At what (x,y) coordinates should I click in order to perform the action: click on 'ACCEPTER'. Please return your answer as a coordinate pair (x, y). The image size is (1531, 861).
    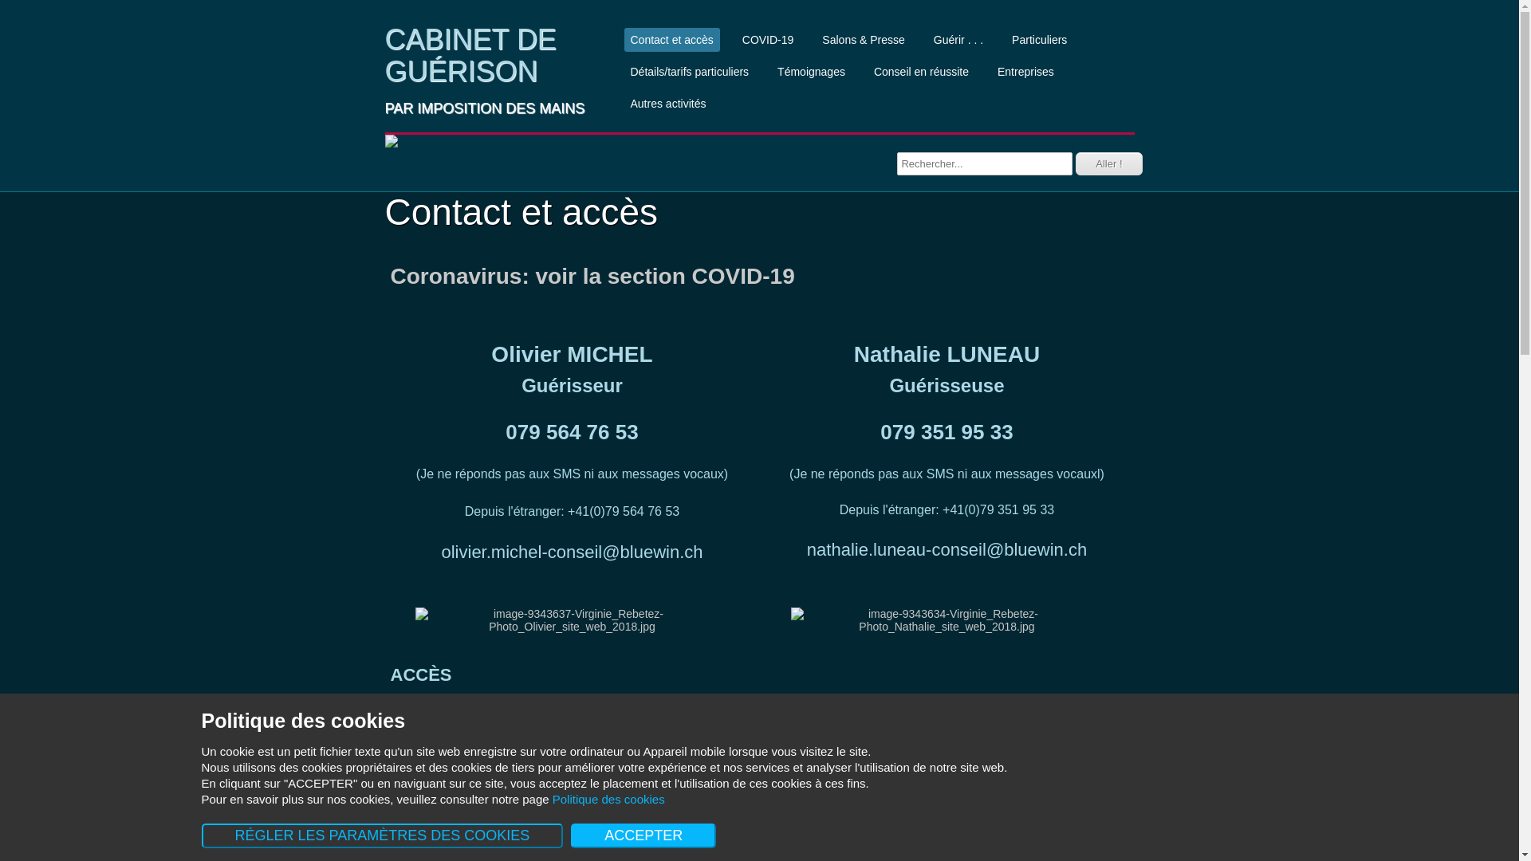
    Looking at the image, I should click on (643, 835).